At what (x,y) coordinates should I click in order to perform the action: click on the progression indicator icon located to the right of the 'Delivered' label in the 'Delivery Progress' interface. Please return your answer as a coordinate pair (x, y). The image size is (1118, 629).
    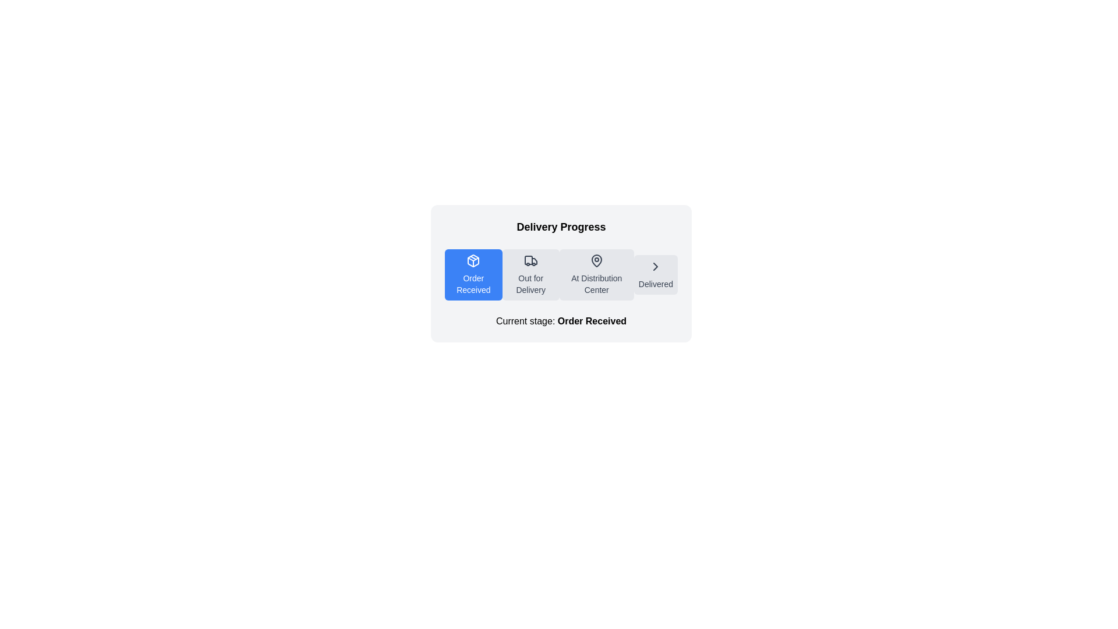
    Looking at the image, I should click on (656, 267).